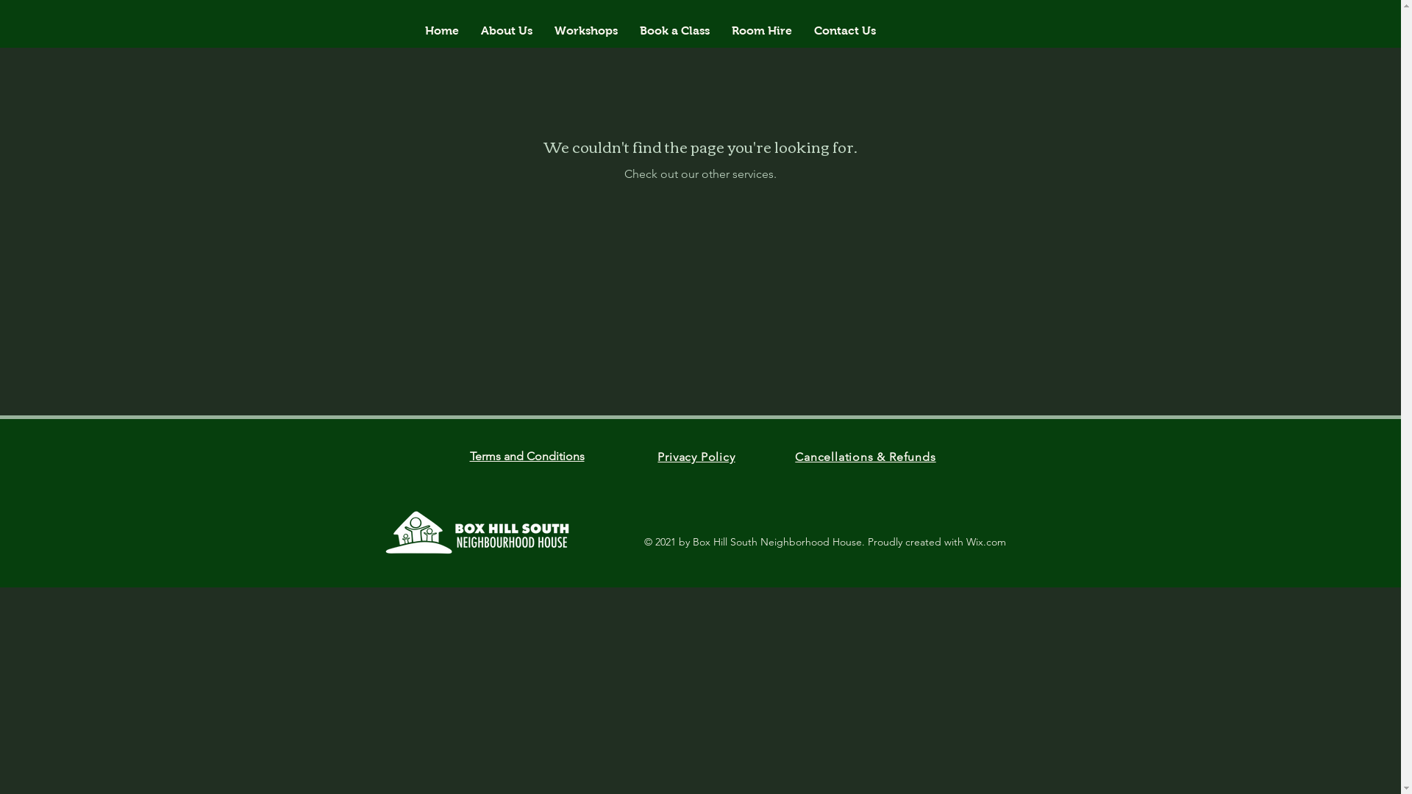  Describe the element at coordinates (865, 456) in the screenshot. I see `'Cancellations & Refunds'` at that location.